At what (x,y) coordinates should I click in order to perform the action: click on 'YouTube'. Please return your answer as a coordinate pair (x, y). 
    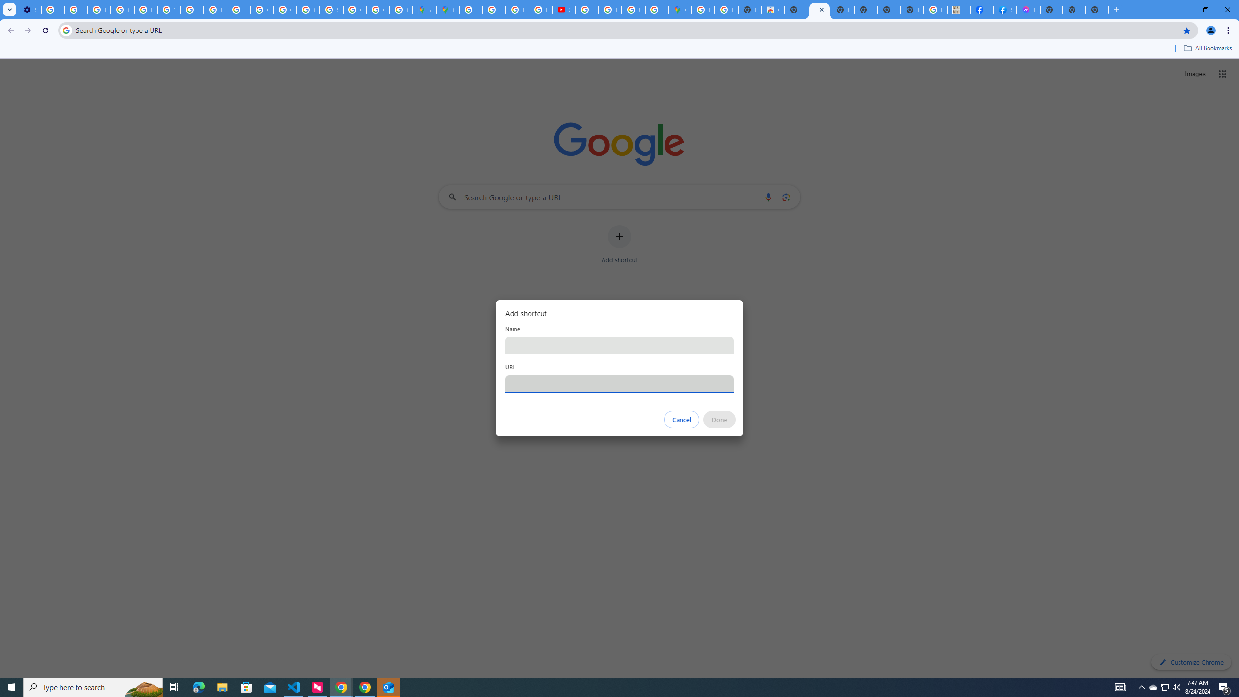
    Looking at the image, I should click on (168, 9).